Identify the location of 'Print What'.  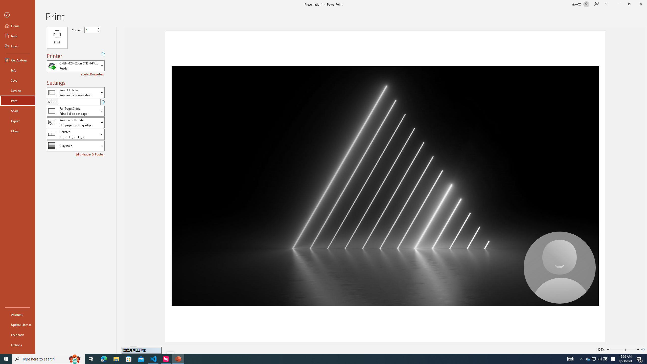
(75, 92).